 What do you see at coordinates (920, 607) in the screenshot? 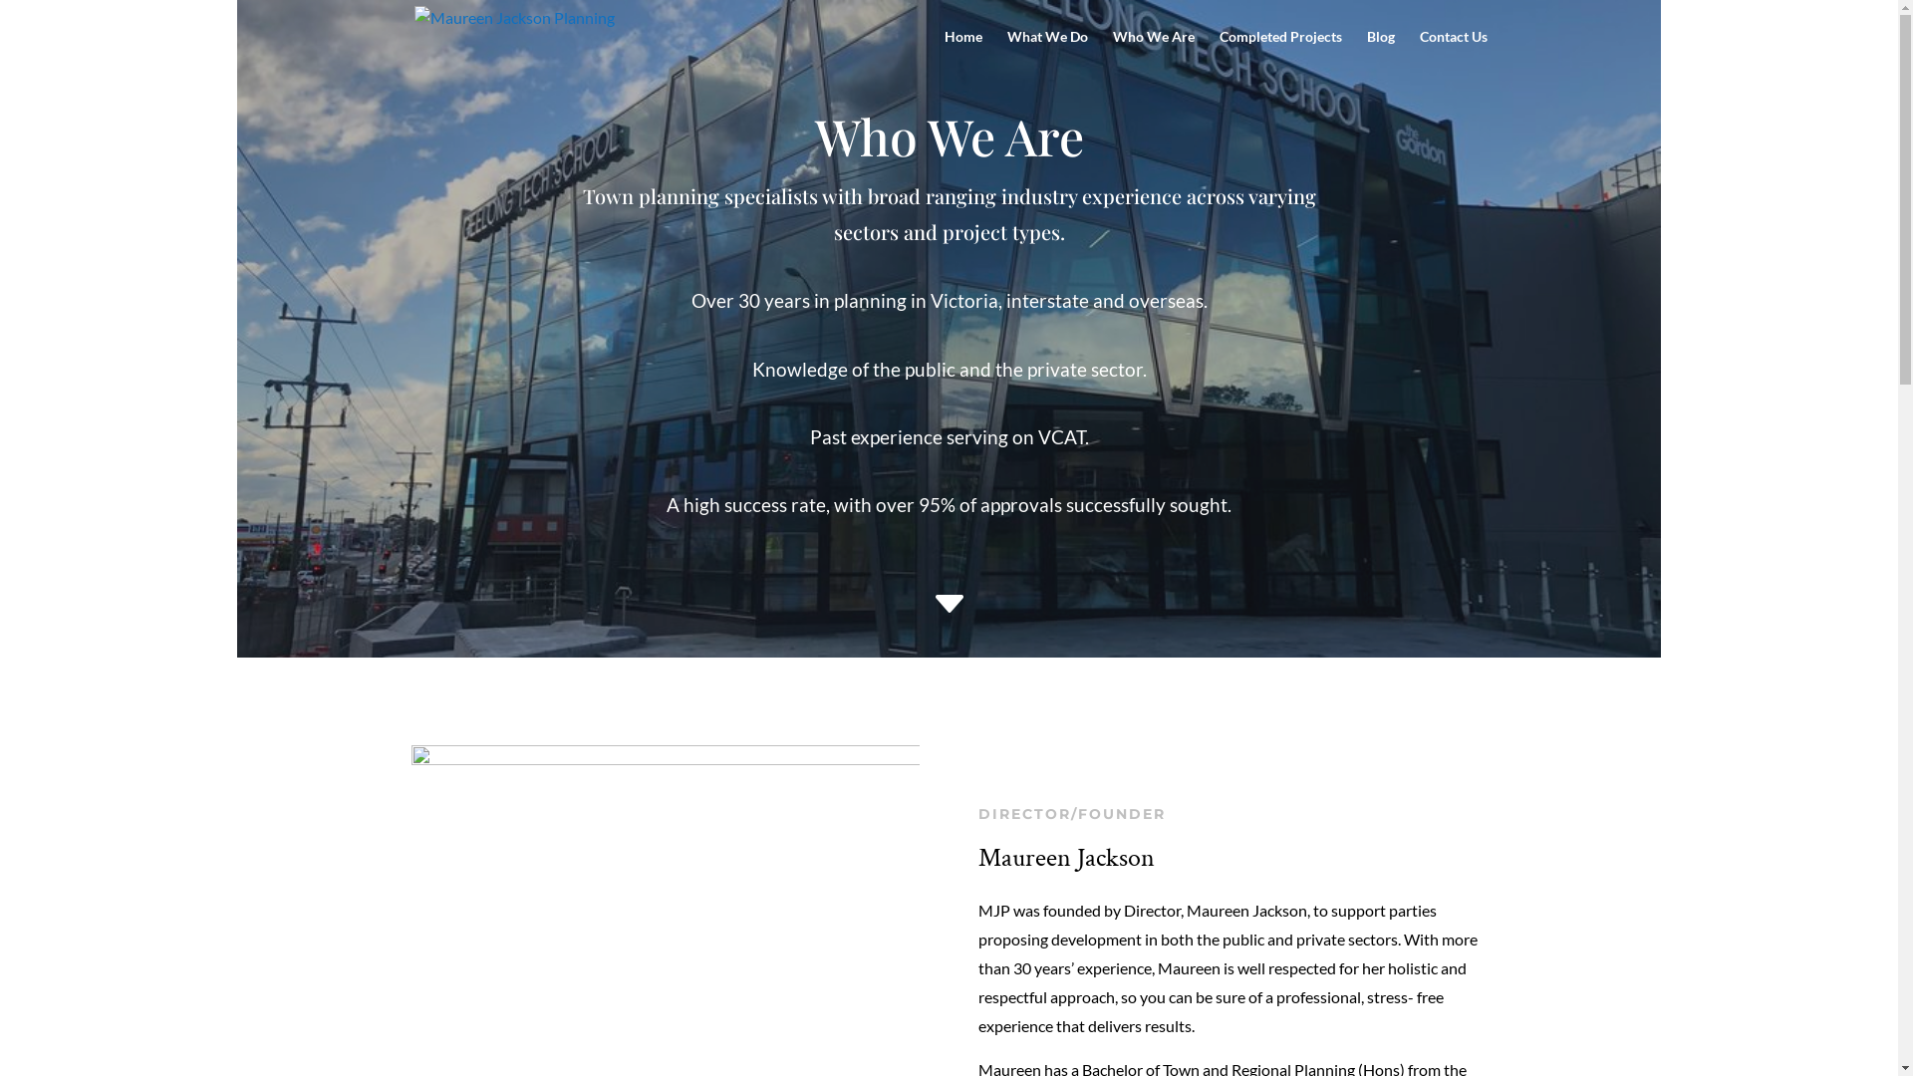
I see `'C'` at bounding box center [920, 607].